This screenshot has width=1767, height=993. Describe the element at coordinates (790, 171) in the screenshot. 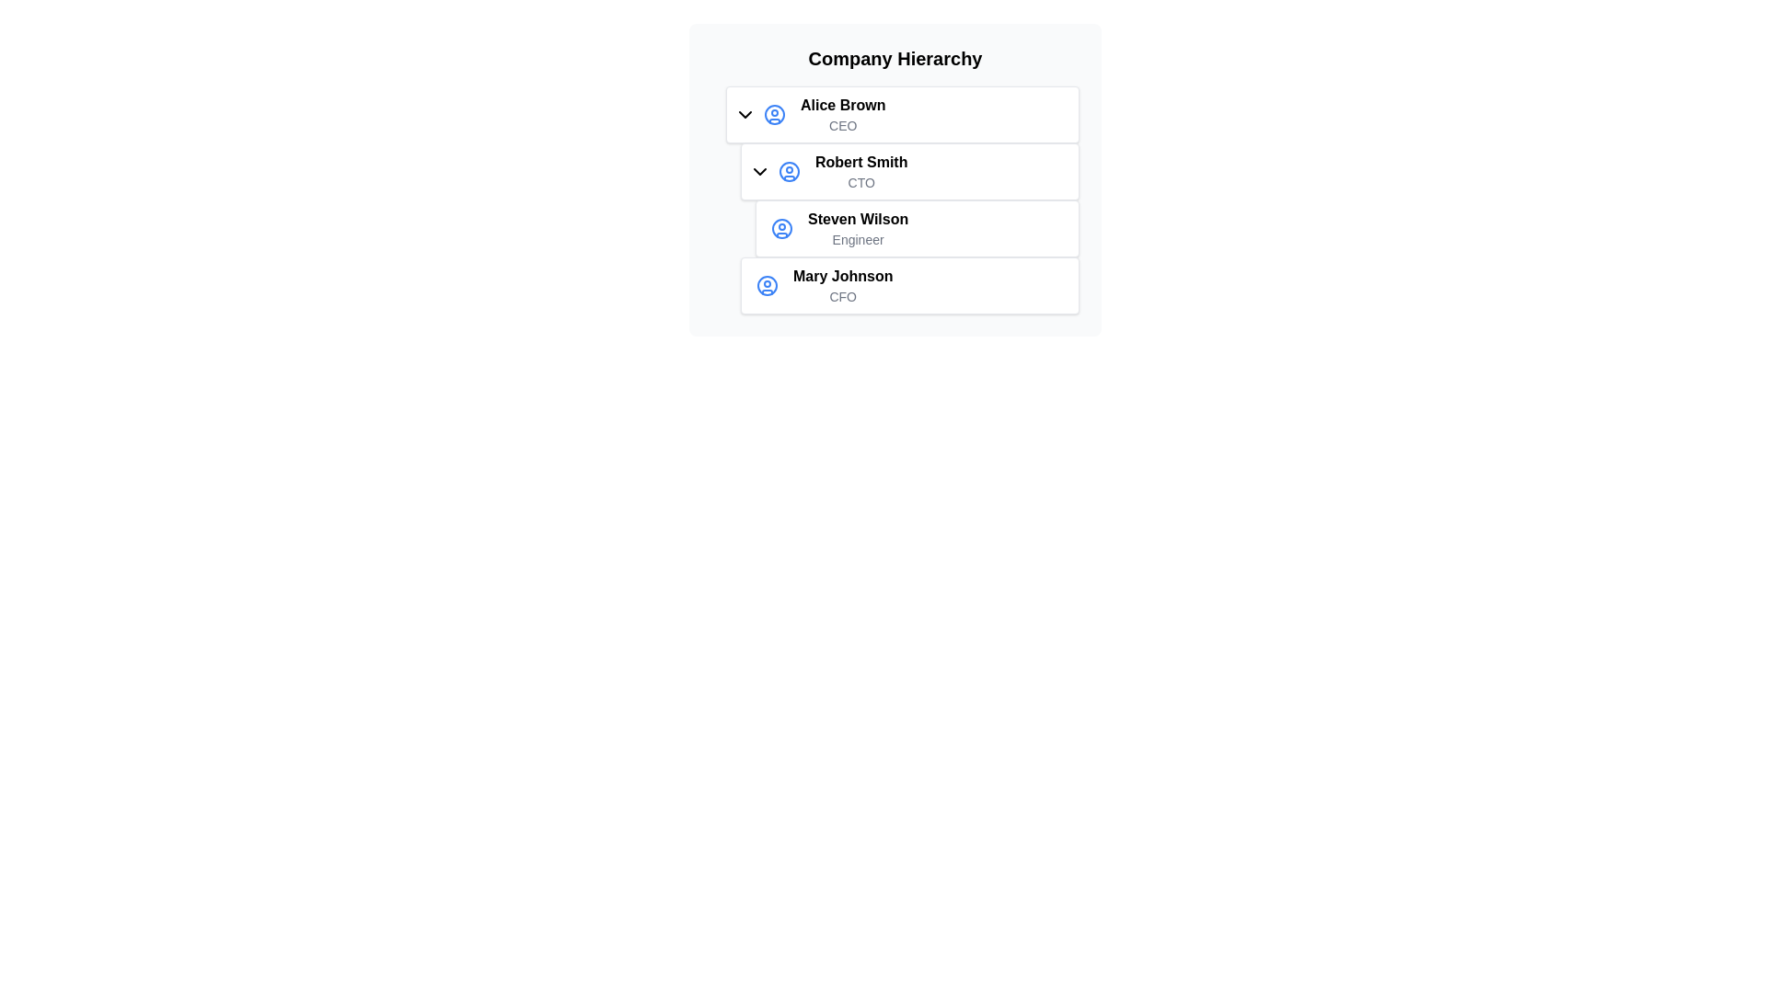

I see `the blue circular outline in the user icon representing 'Robert Smith', which is located above the text 'Robert Smith' and 'CTO' in the 'Company Hierarchy' interface` at that location.